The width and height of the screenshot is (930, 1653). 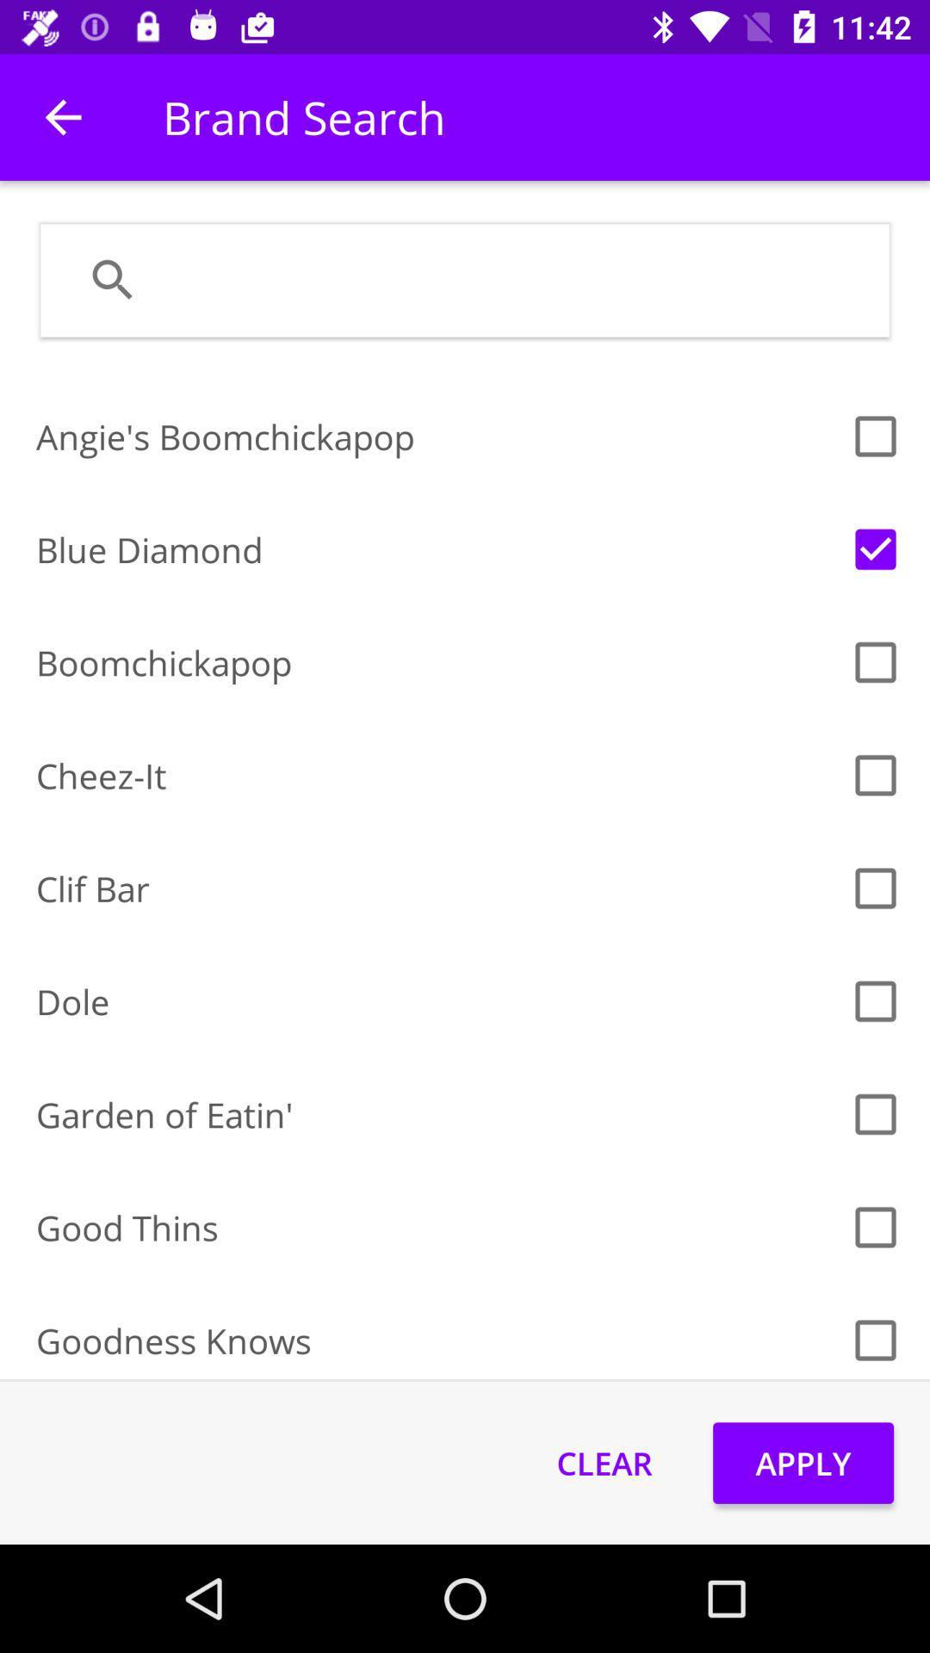 I want to click on the clif bar, so click(x=437, y=888).